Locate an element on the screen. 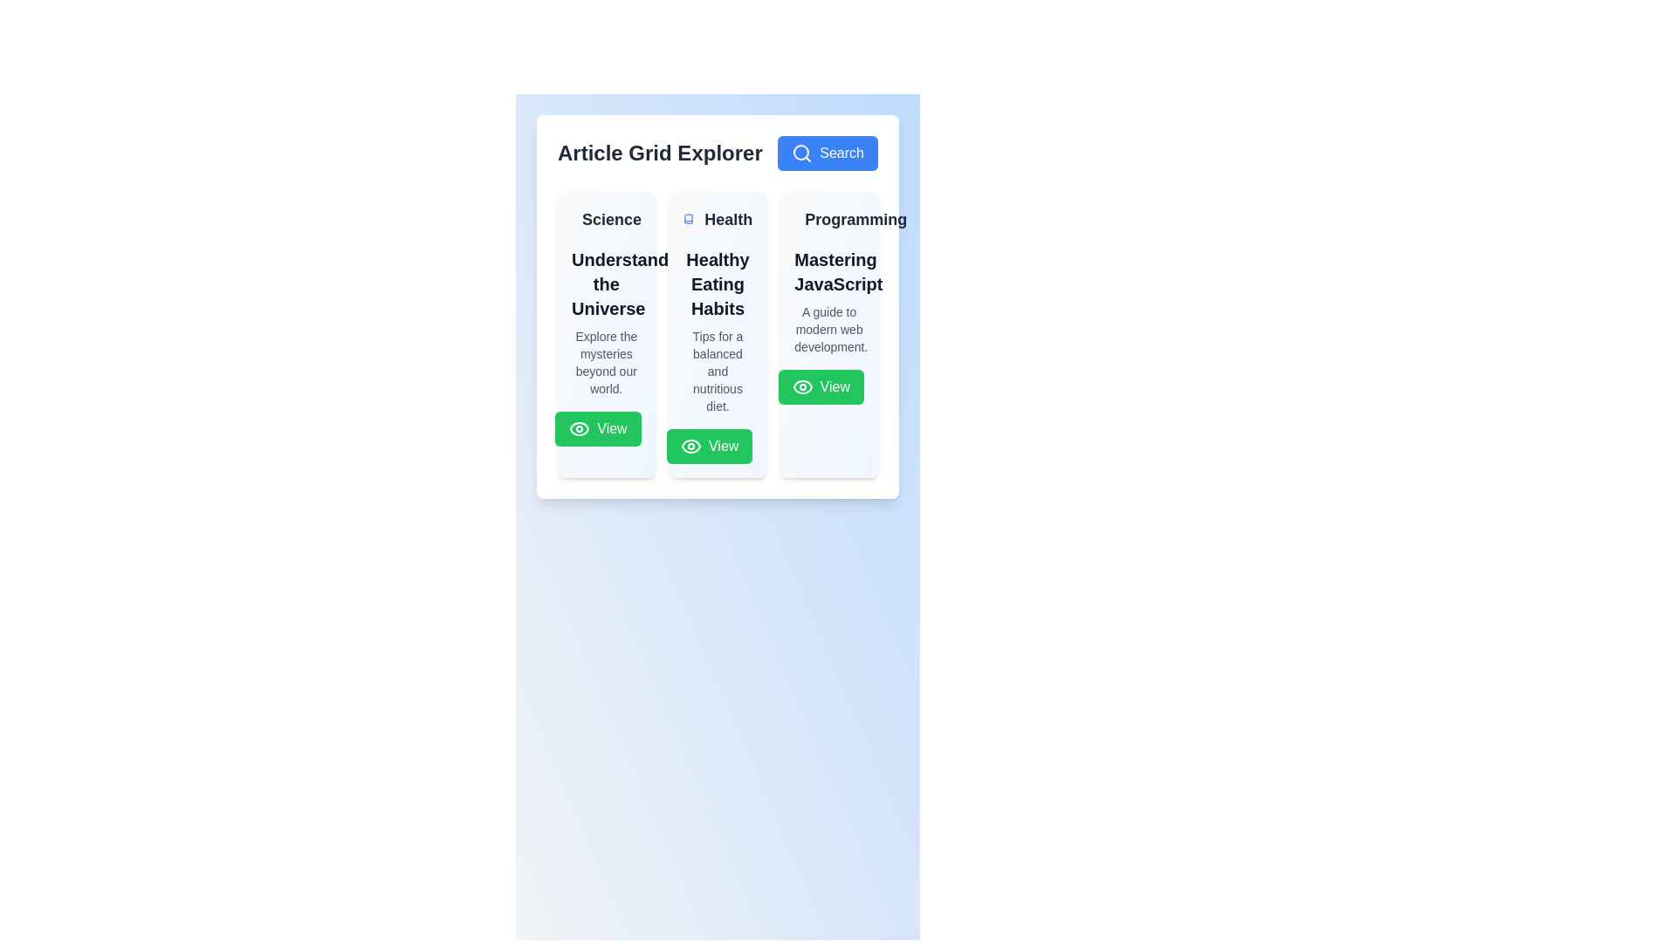  the green button labeled 'View' with an eye icon located at the bottom right of the 'Understanding the Universe' card is located at coordinates (606, 429).